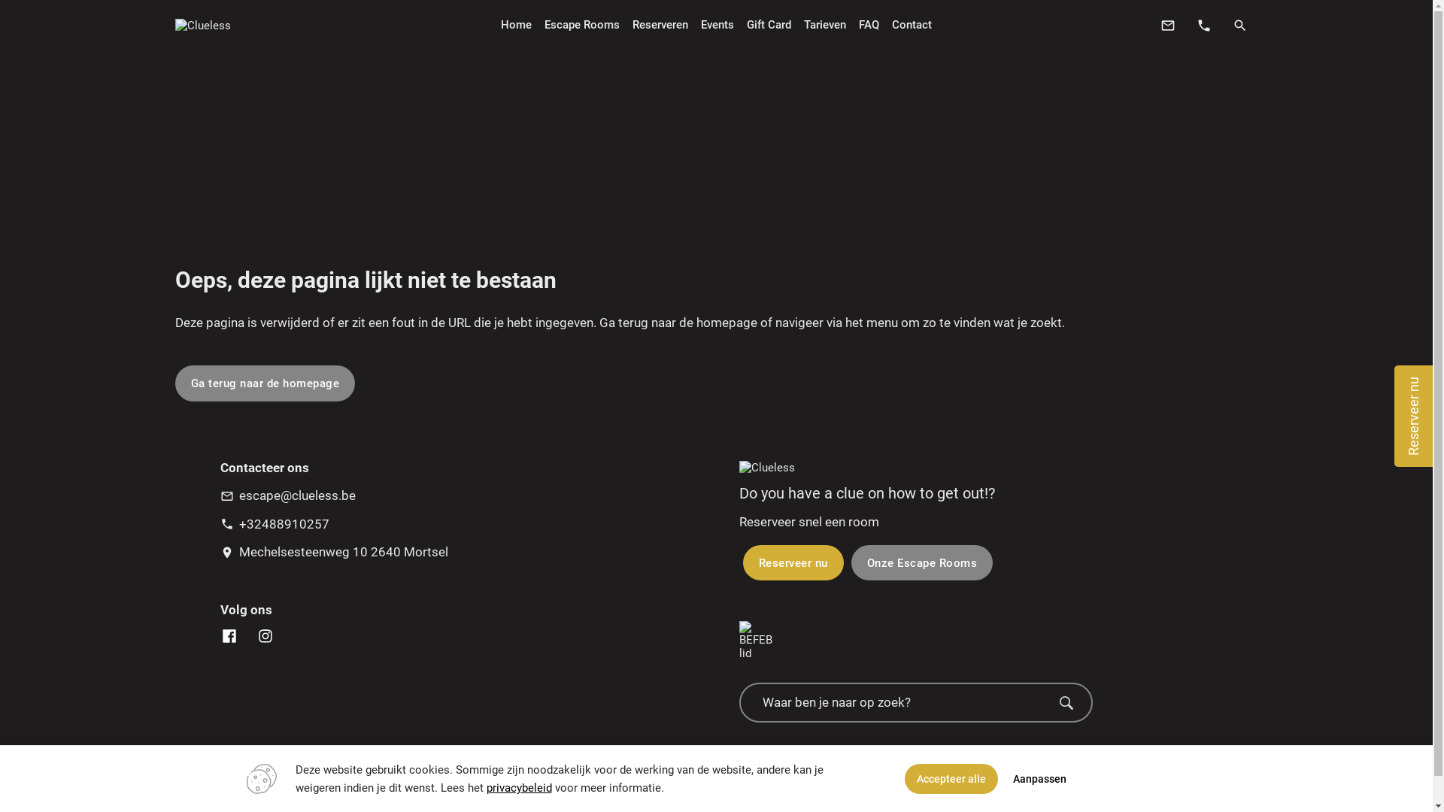 The height and width of the screenshot is (812, 1444). What do you see at coordinates (717, 24) in the screenshot?
I see `'Events'` at bounding box center [717, 24].